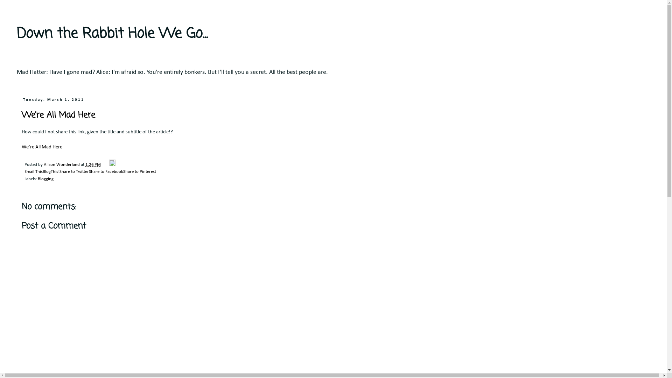 Image resolution: width=672 pixels, height=378 pixels. What do you see at coordinates (105, 171) in the screenshot?
I see `'Share to Facebook'` at bounding box center [105, 171].